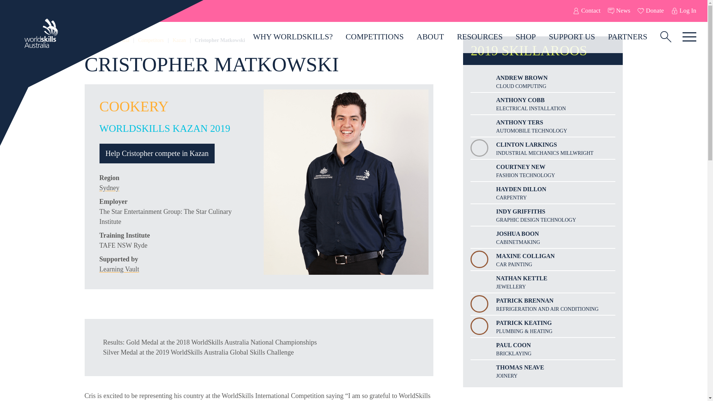  I want to click on 'ANTHONY TERS, so click(543, 125).